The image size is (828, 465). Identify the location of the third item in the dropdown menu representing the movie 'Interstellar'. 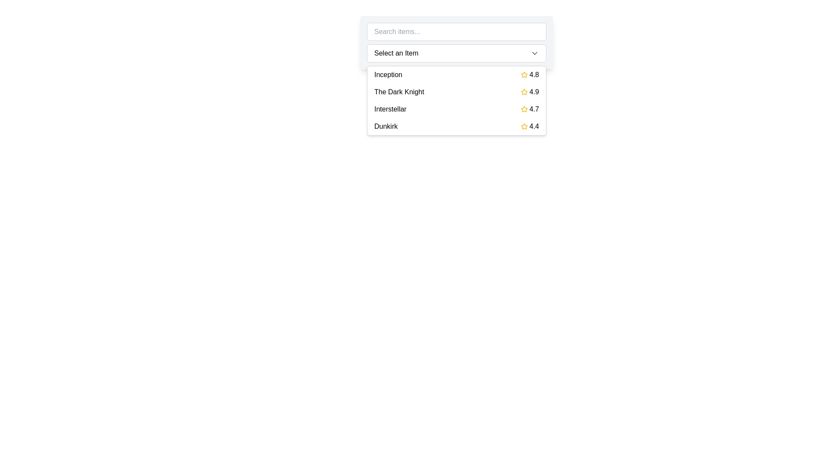
(456, 109).